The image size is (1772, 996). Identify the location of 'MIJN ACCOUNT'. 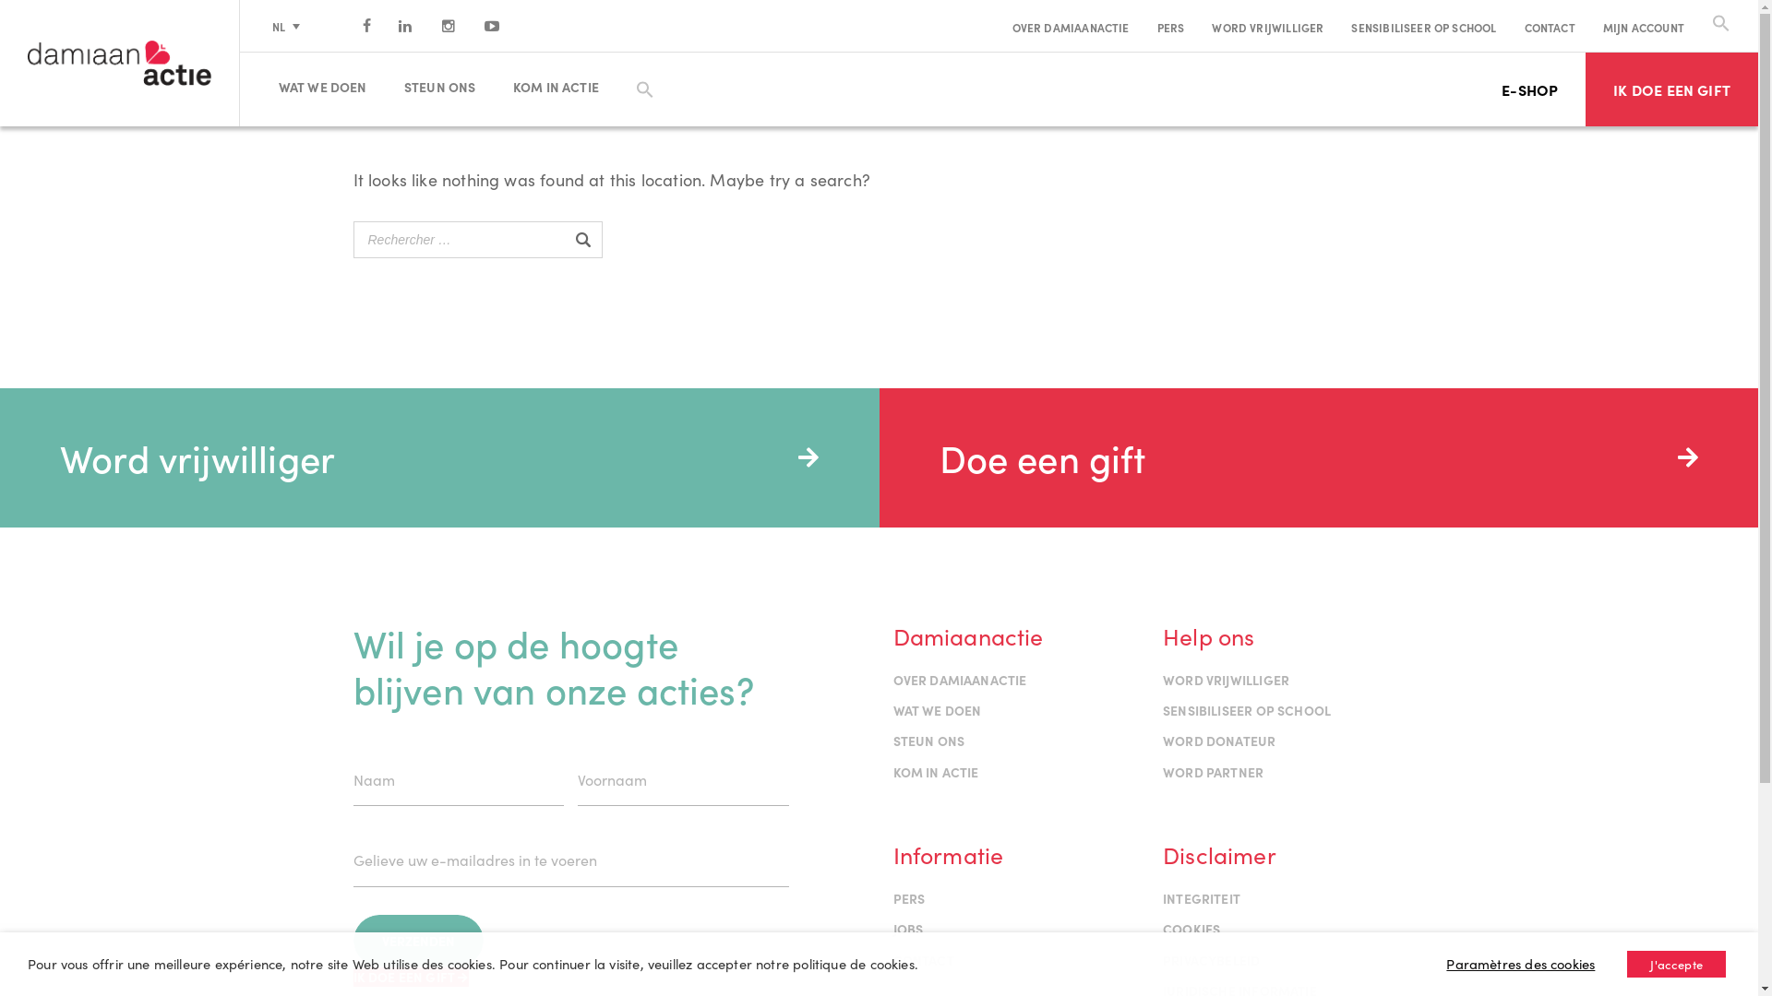
(1643, 27).